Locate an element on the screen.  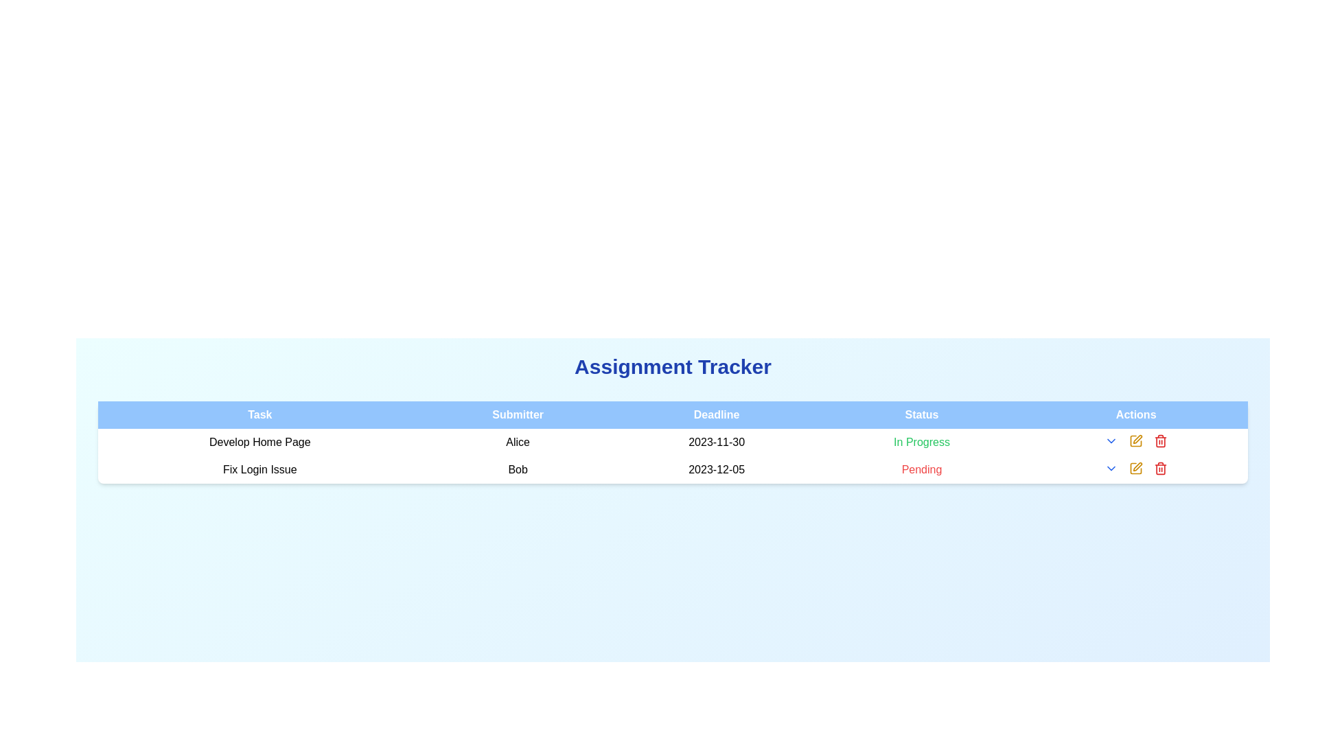
the date text displaying '2023-12-05' located in the 'Deadline' column of the second row, which pertains to the 'Fix Login Issue' task is located at coordinates (716, 469).